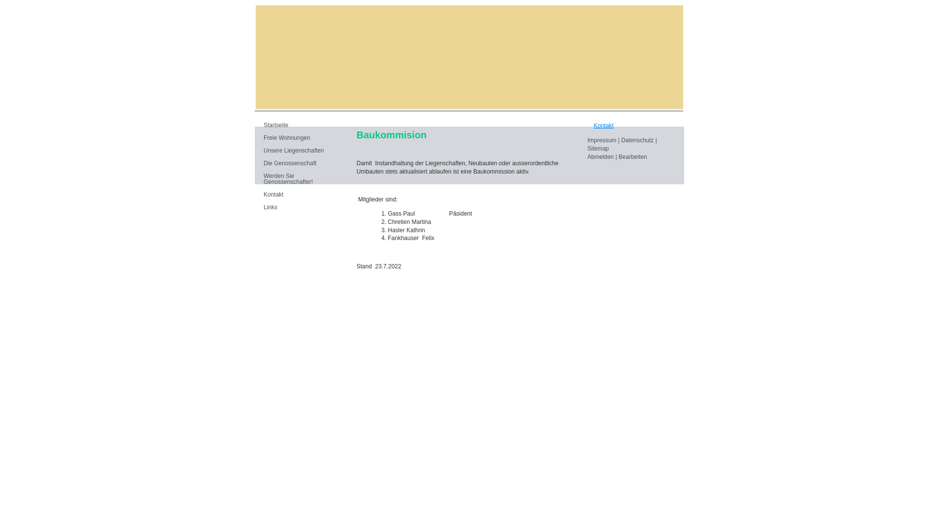  What do you see at coordinates (618, 156) in the screenshot?
I see `'Bearbeiten'` at bounding box center [618, 156].